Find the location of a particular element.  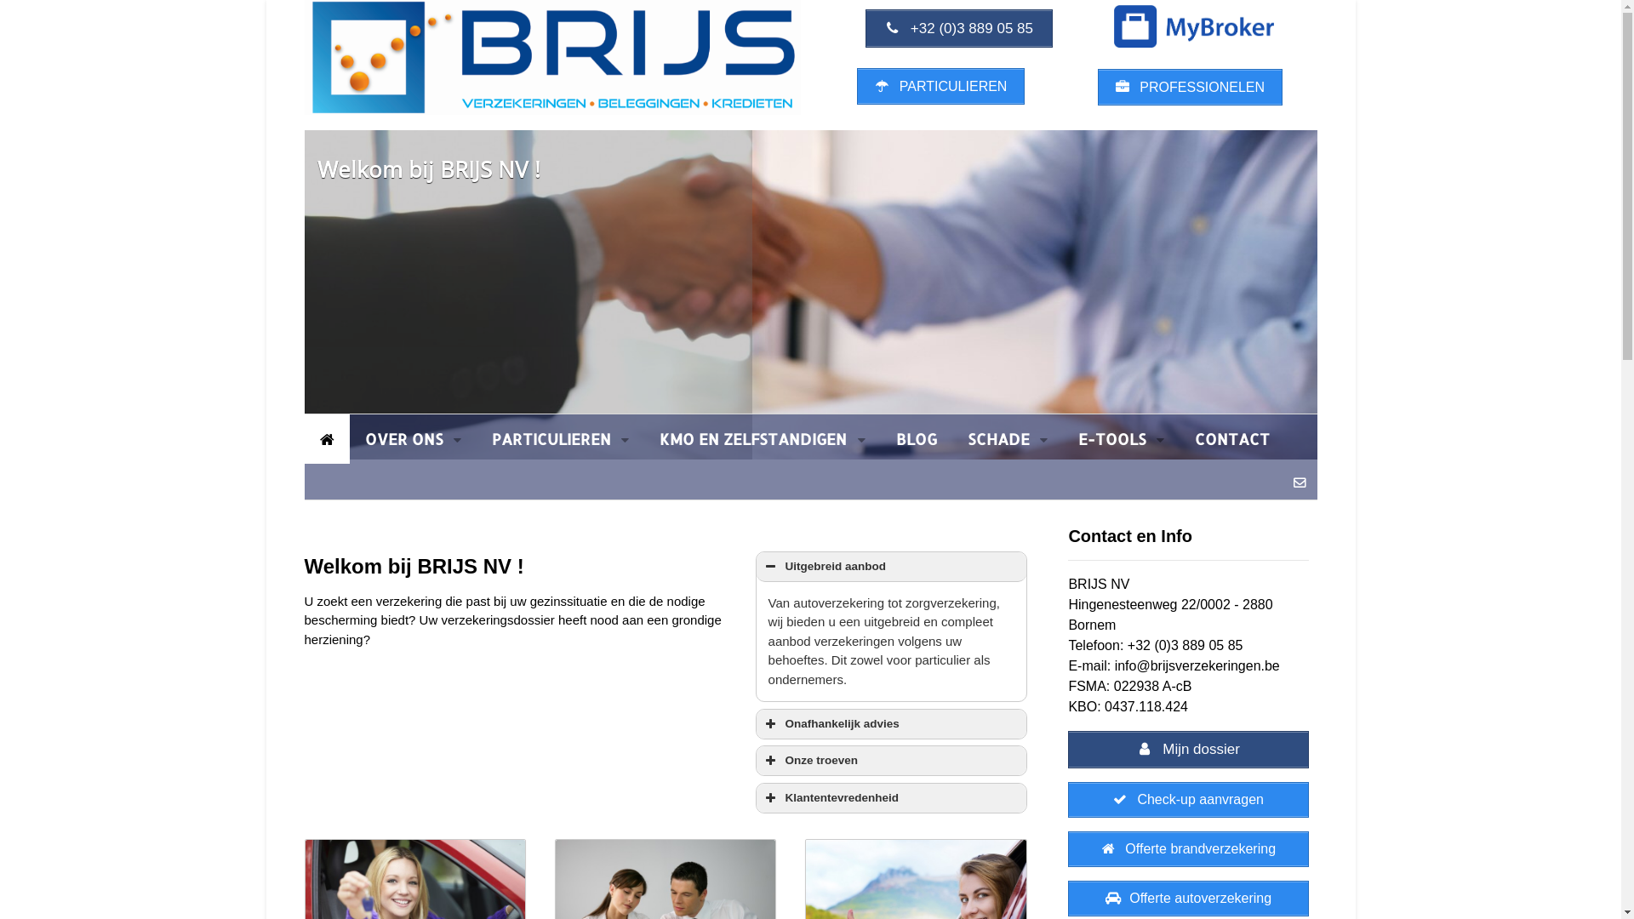

'Mijn dossier' is located at coordinates (1187, 748).